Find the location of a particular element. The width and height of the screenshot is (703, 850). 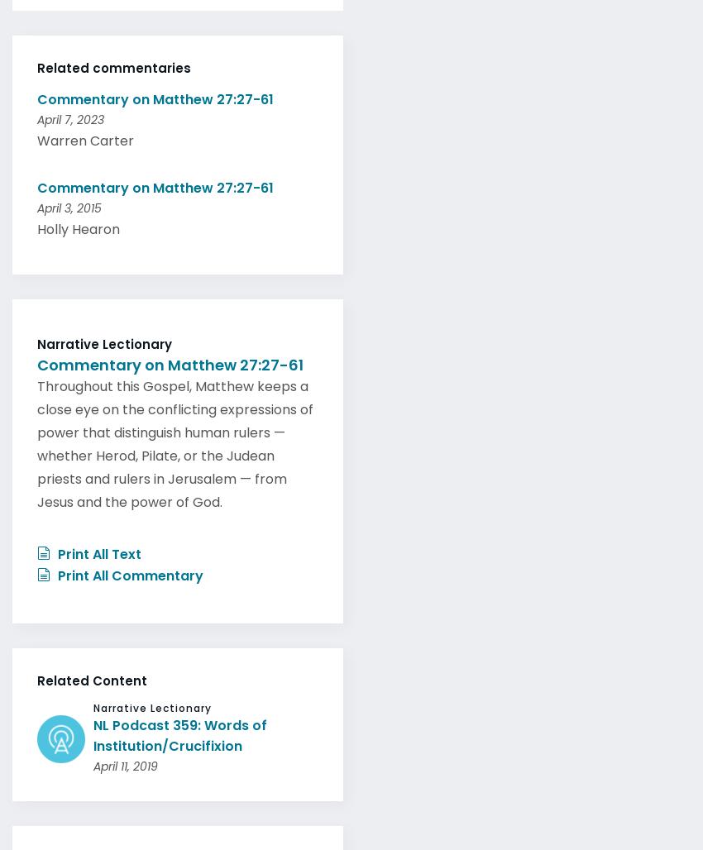

'Throughout this Gospel, Matthew keeps a close eye on the conflicting expressions of power that distinguish human rulers — whether Herod, Pilate, or the Judean priests and rulers in Jerusalem — from Jesus and the power of God.' is located at coordinates (36, 439).